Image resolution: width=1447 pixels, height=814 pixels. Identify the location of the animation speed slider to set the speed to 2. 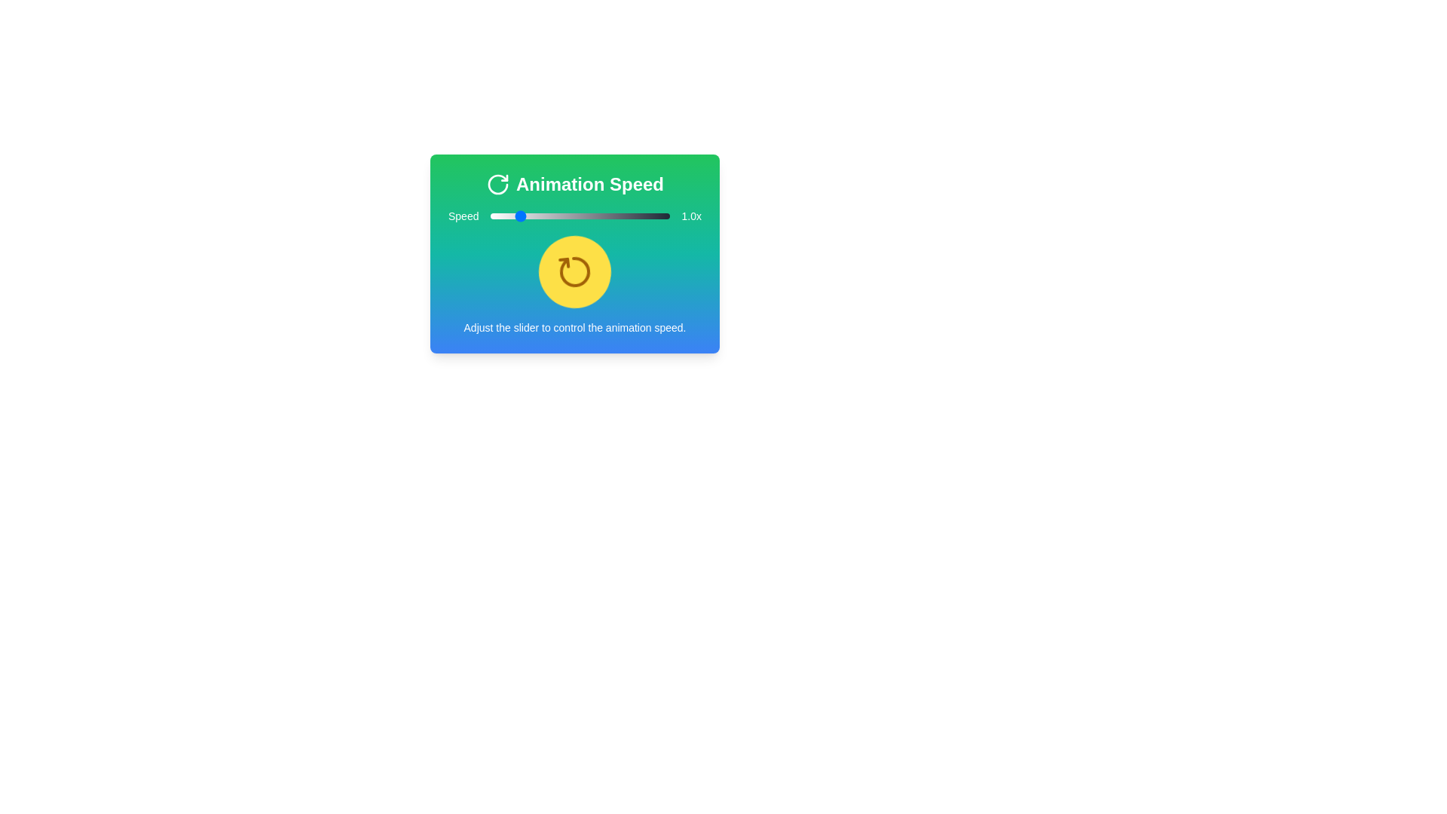
(567, 216).